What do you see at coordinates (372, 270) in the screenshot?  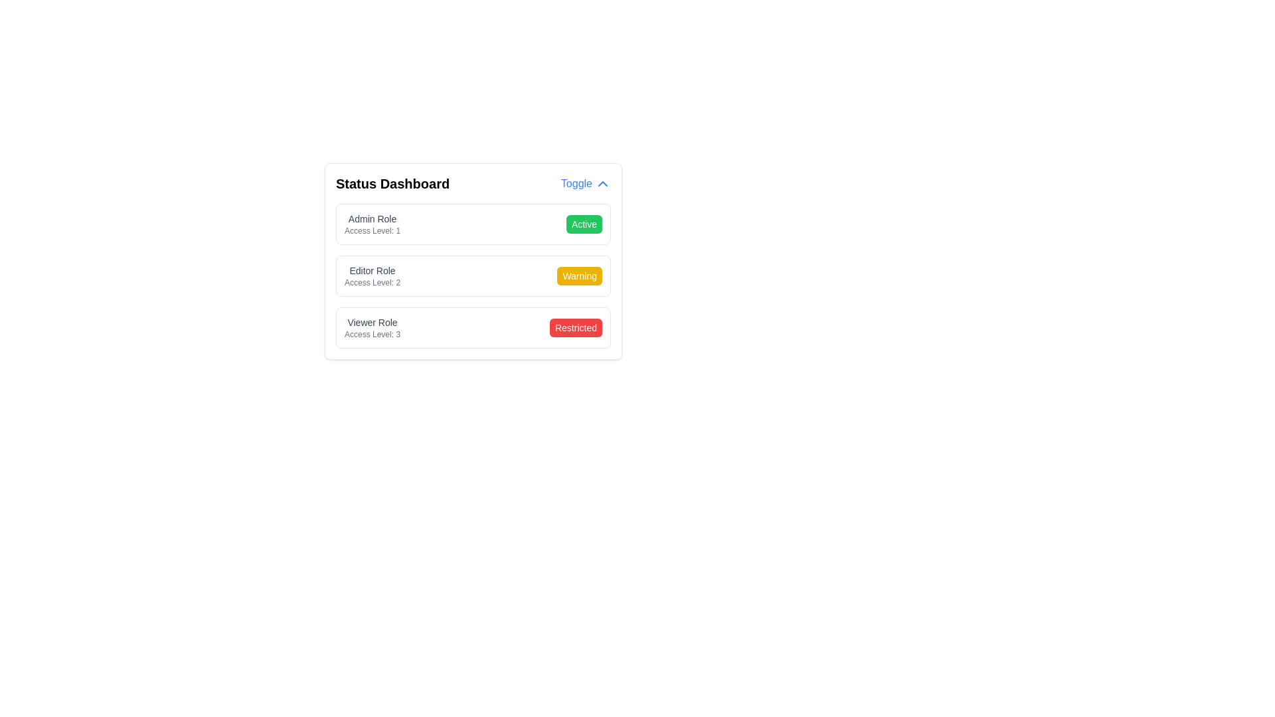 I see `the text label displaying 'Editor Role', which is styled in a smaller font size and medium weight, and is colored in subtle gray, located in the dashboard panel above 'Access Level: 2'` at bounding box center [372, 270].